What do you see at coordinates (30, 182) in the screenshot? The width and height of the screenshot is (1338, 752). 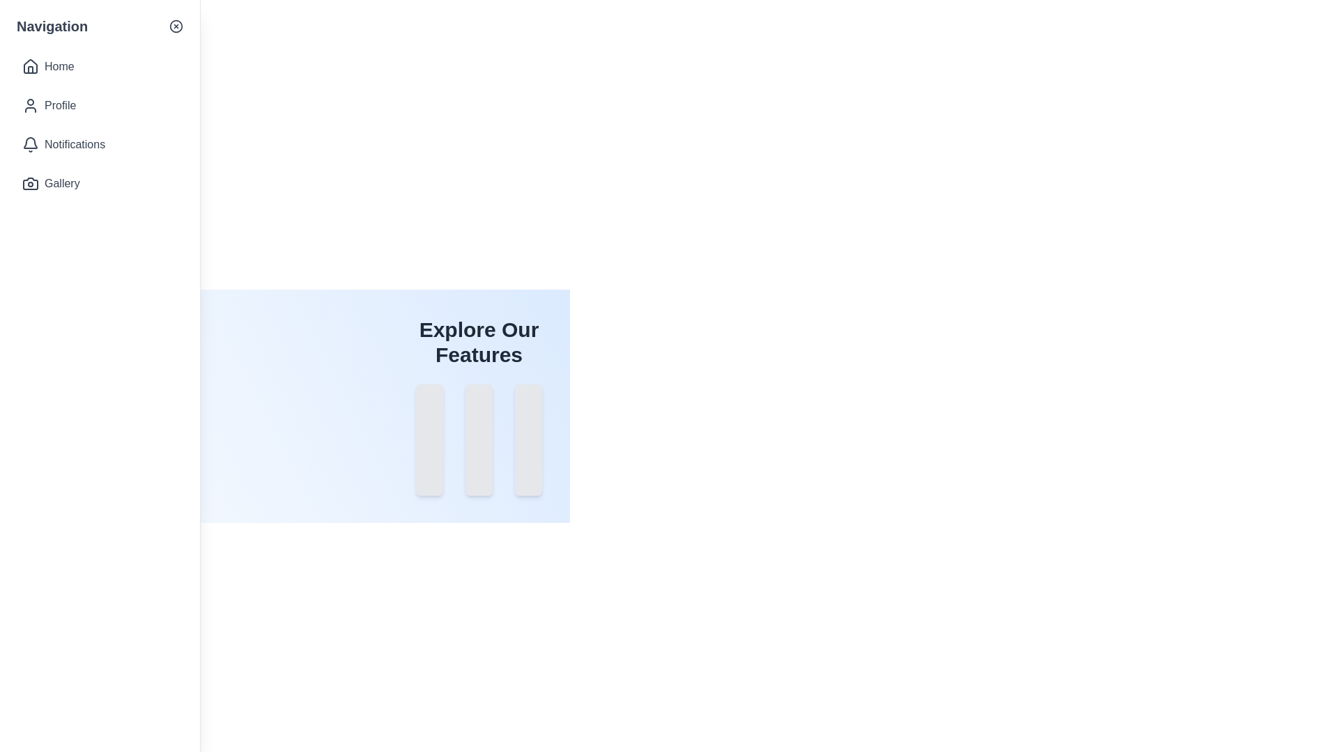 I see `the upper part of the camera icon in the navigation menu next to the 'Gallery' label` at bounding box center [30, 182].